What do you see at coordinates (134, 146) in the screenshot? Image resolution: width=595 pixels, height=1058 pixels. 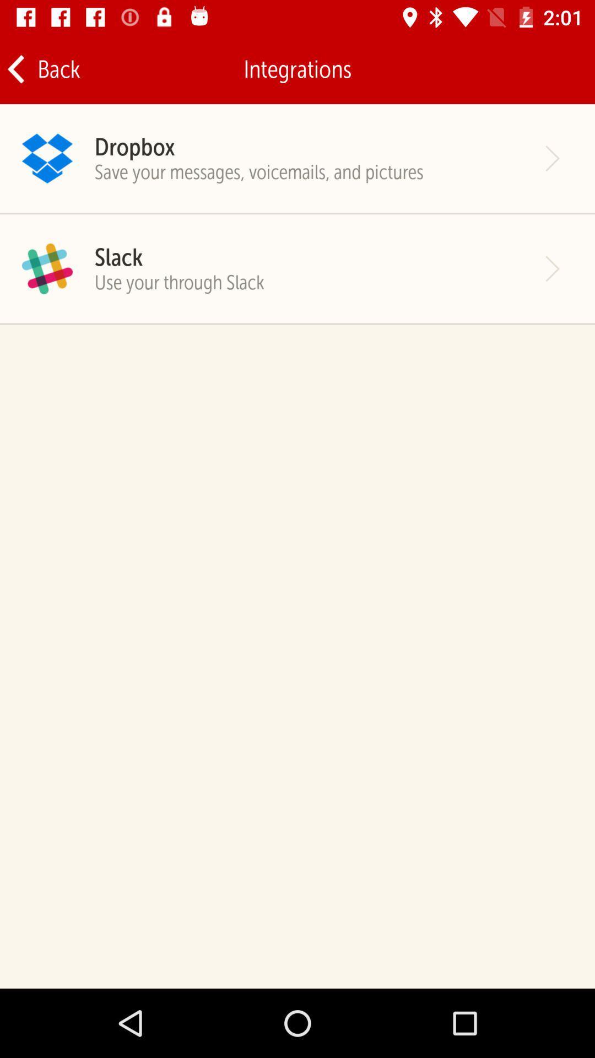 I see `dropbox item` at bounding box center [134, 146].